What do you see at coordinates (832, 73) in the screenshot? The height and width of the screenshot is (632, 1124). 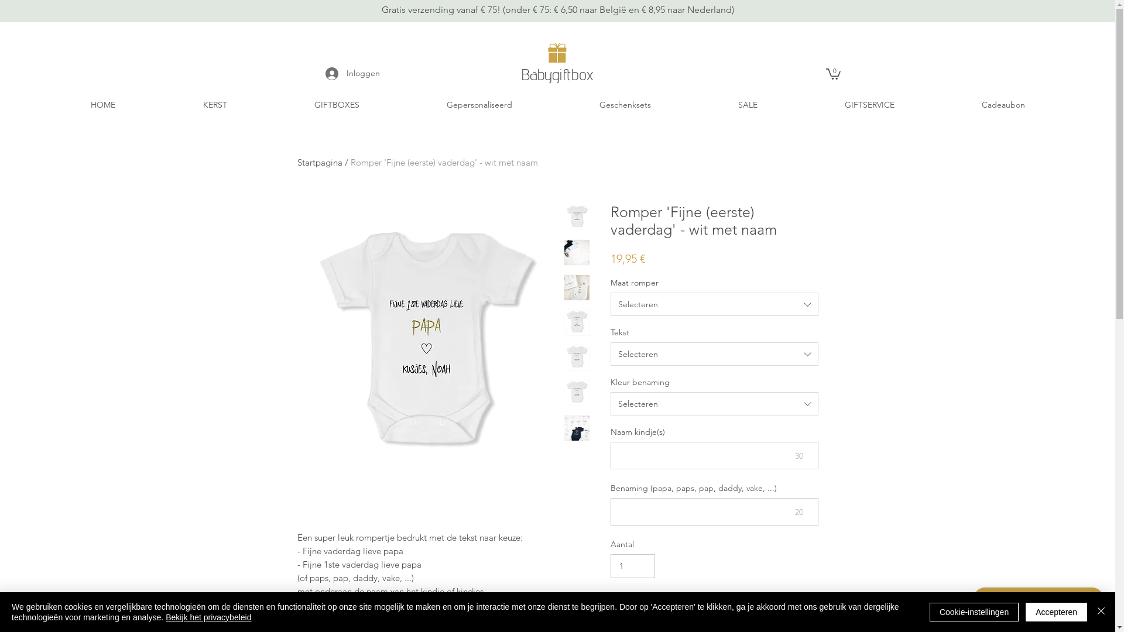 I see `'0'` at bounding box center [832, 73].